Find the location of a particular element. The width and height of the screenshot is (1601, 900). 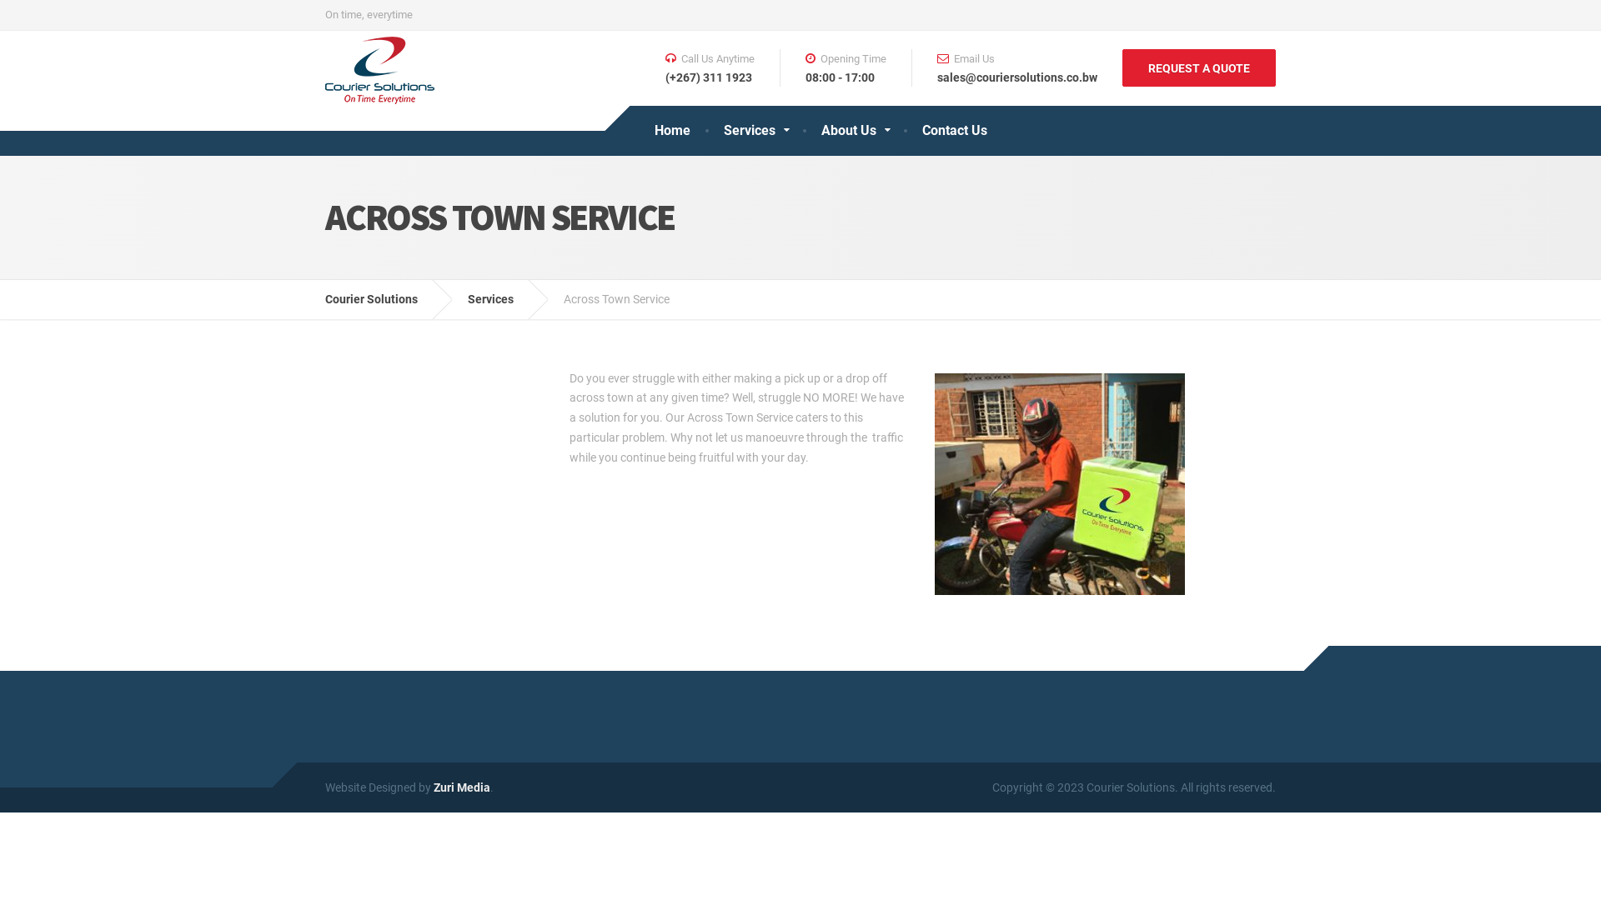

'Email Us is located at coordinates (1003, 67).